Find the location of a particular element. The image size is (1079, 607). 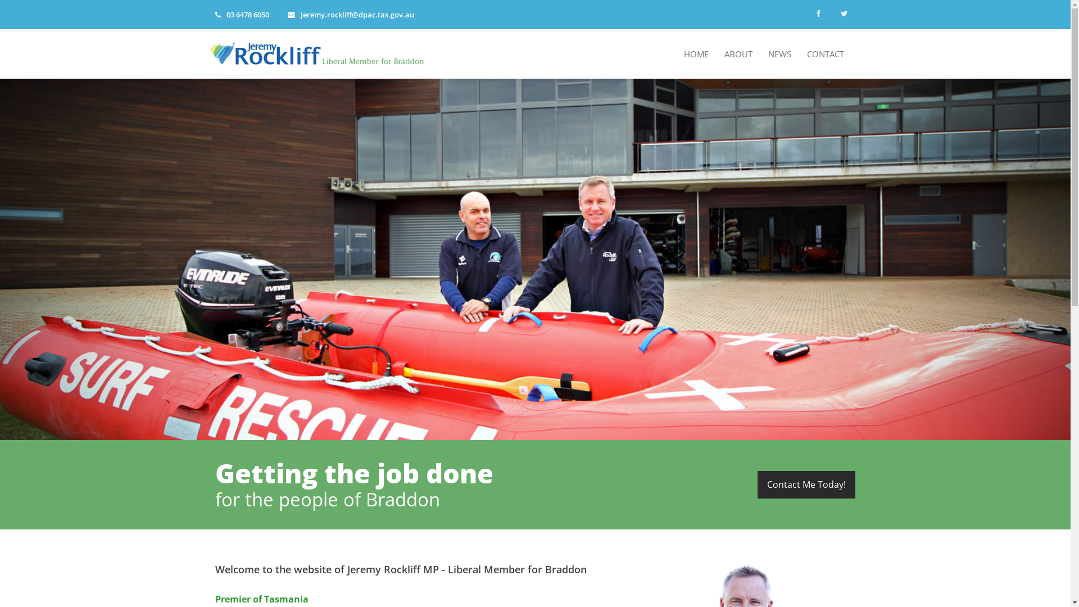

'CONTACT' is located at coordinates (825, 54).